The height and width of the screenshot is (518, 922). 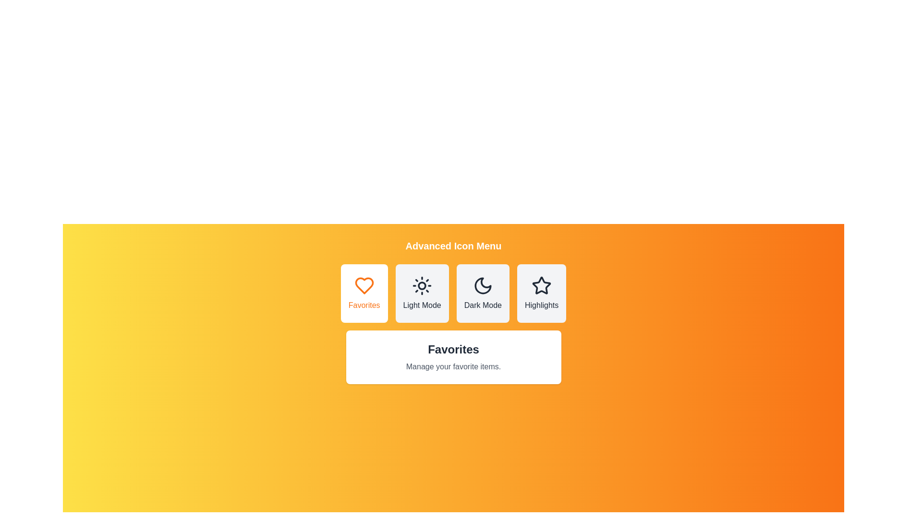 What do you see at coordinates (483, 285) in the screenshot?
I see `the details of the crescent moon icon in the 'Dark Mode' option, which is the third rectangular option in the row of features` at bounding box center [483, 285].